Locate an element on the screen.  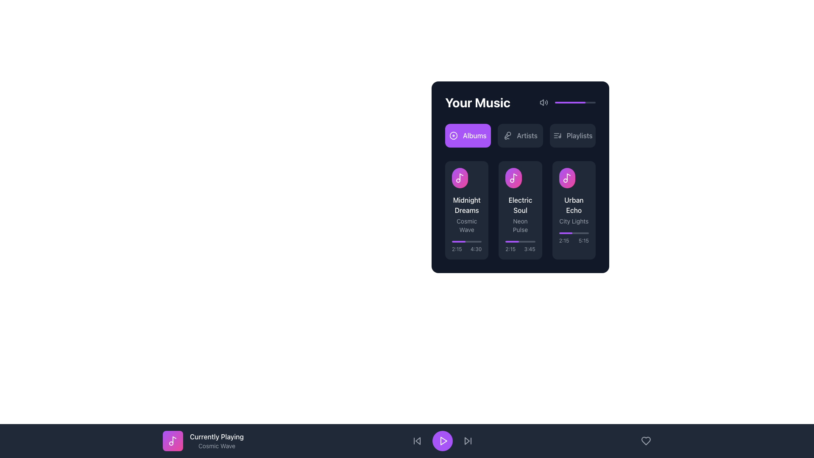
graphical icon embedded within a circular background, which features a gradient from purple to pink and a white musical note icon at its center, located on the 'Urban Echo' card is located at coordinates (574, 178).